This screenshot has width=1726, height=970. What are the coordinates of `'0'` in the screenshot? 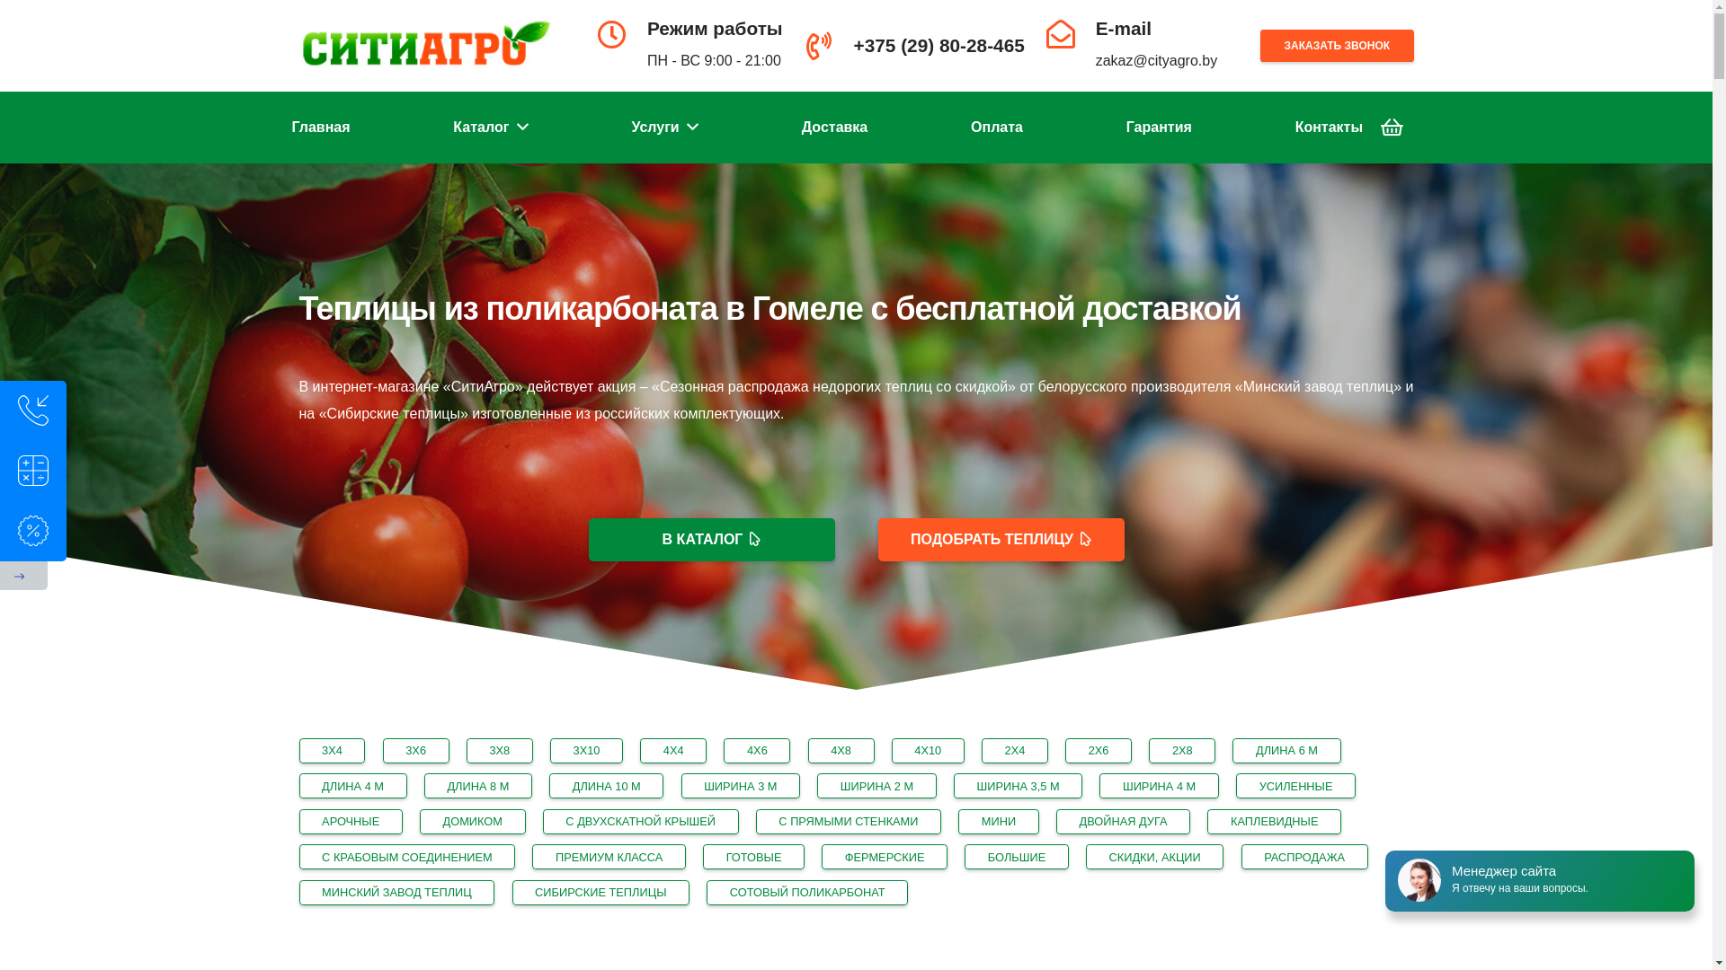 It's located at (1390, 127).